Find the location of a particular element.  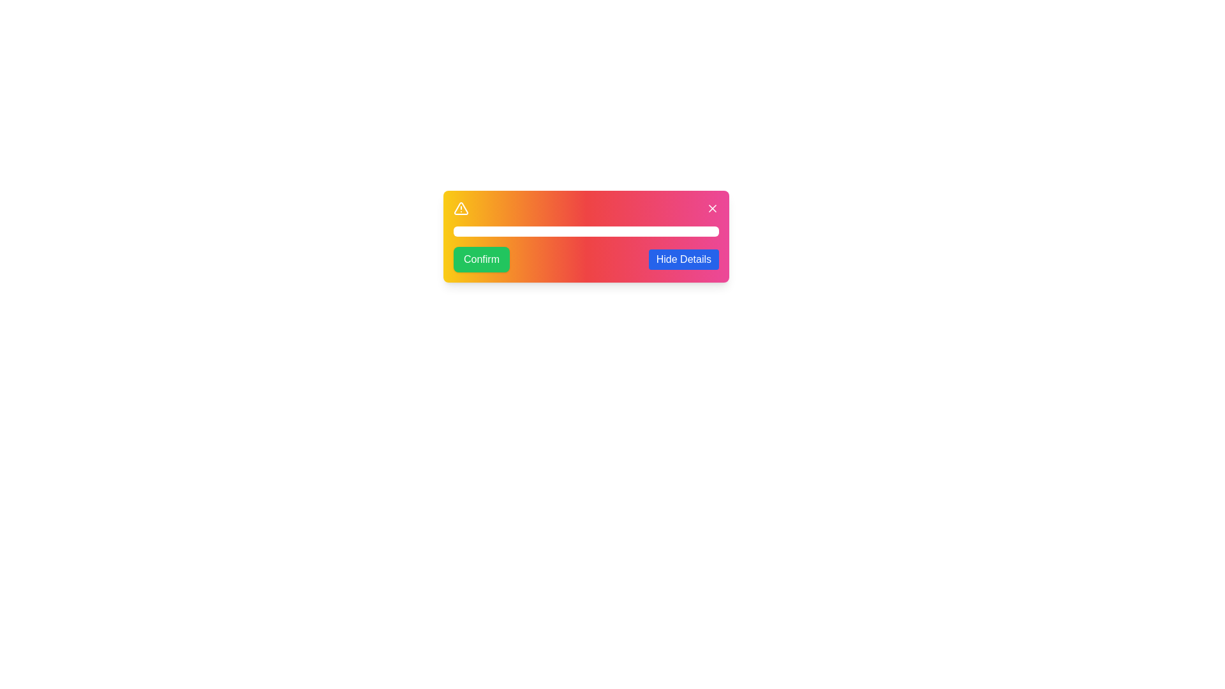

the 'Close Alert' button located at the top-right corner of the colorful rectangular alert box is located at coordinates (712, 208).